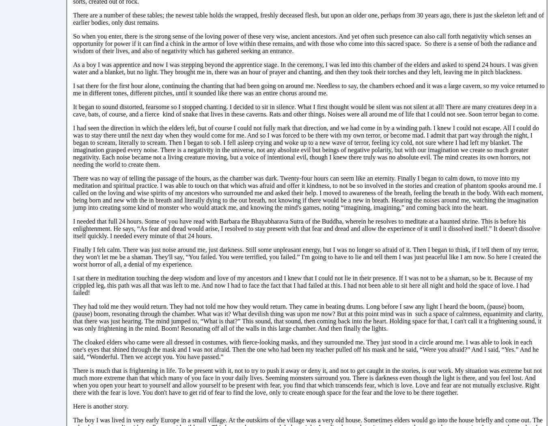  I want to click on 'I sat there in meditation touching the deep wisdom and love of my ancestors and I knew that I could not lie in their presence. If I was not to be a shaman, so be it. Because of my crippled leg, this path was all that was left to me. And now I had to face the fact that I had failed at this. I had not been able to sit here all night and hold the space of love. I had failed!', so click(302, 285).